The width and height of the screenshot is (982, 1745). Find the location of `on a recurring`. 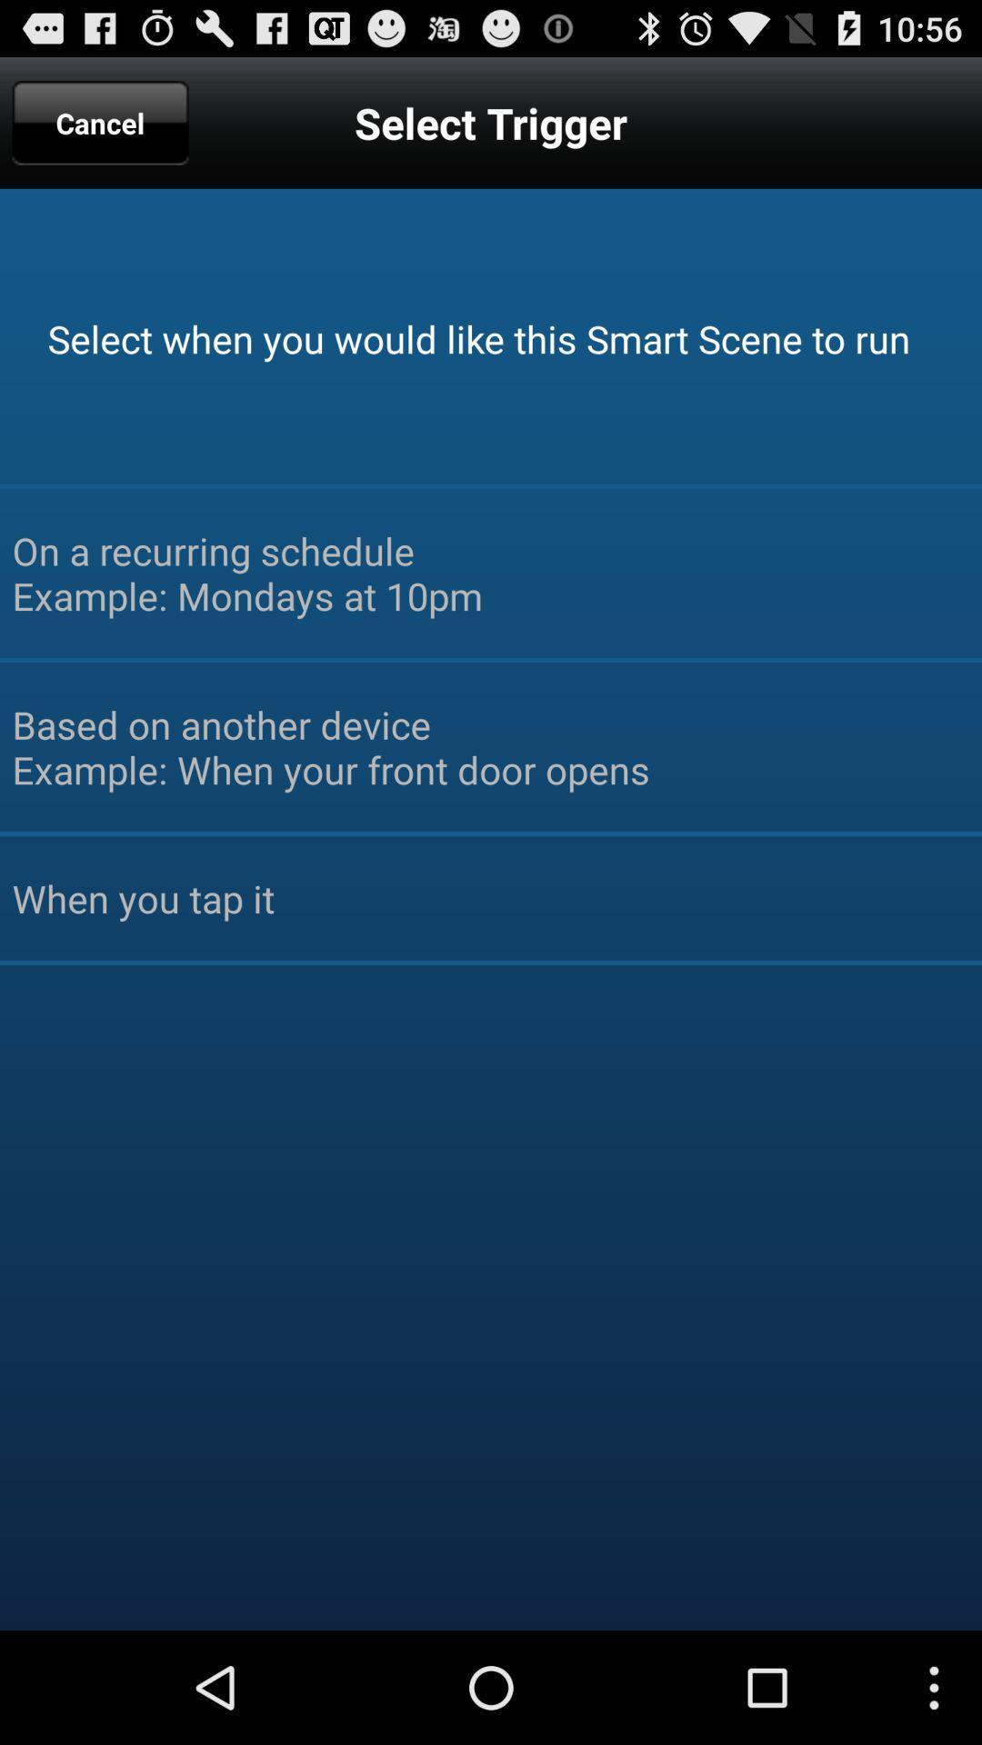

on a recurring is located at coordinates (491, 572).